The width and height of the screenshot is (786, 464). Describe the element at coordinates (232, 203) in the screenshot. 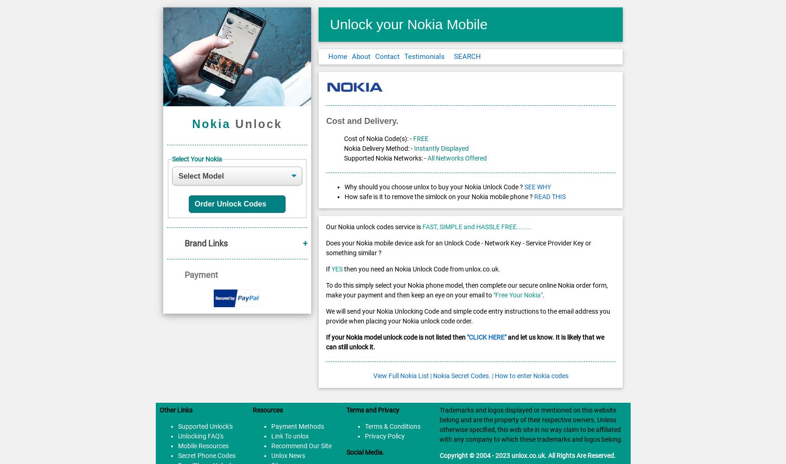

I see `'Order Unlock Codes'` at that location.